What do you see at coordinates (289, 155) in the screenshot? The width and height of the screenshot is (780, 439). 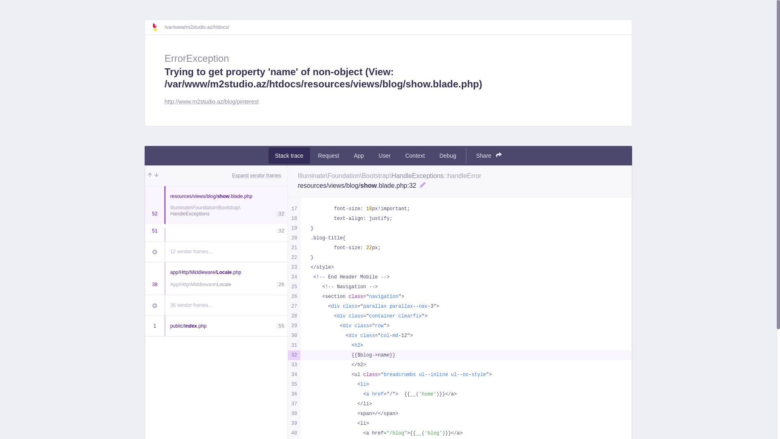 I see `'Stack trace'` at bounding box center [289, 155].